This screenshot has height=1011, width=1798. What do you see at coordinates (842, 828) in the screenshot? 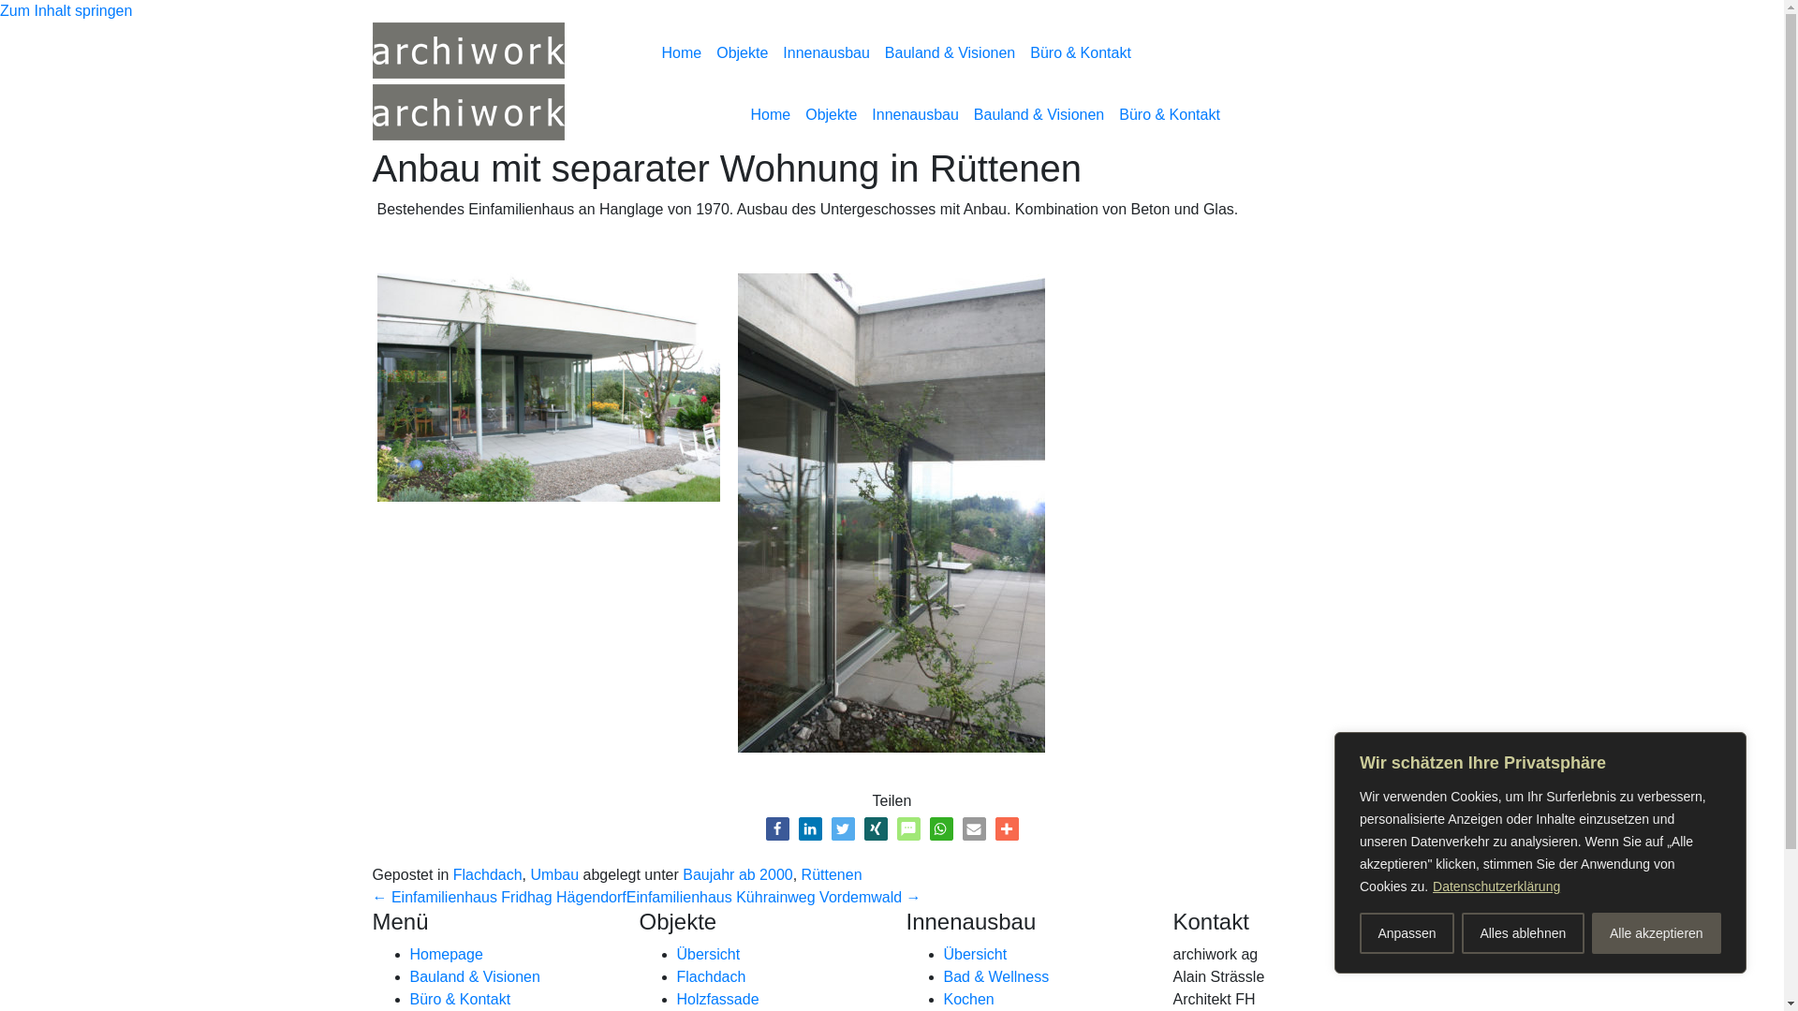
I see `'Bei Twitter teilen'` at bounding box center [842, 828].